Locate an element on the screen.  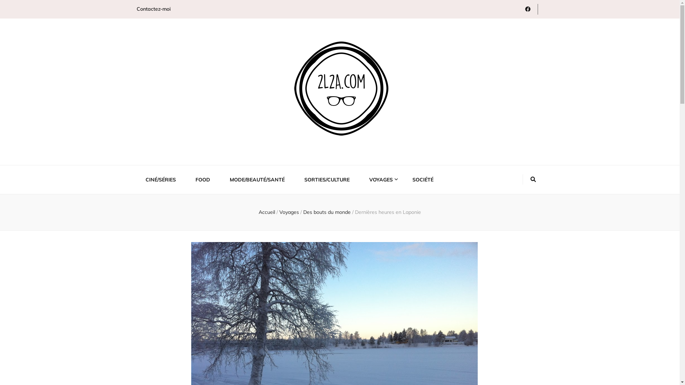
'Voyages' is located at coordinates (290, 211).